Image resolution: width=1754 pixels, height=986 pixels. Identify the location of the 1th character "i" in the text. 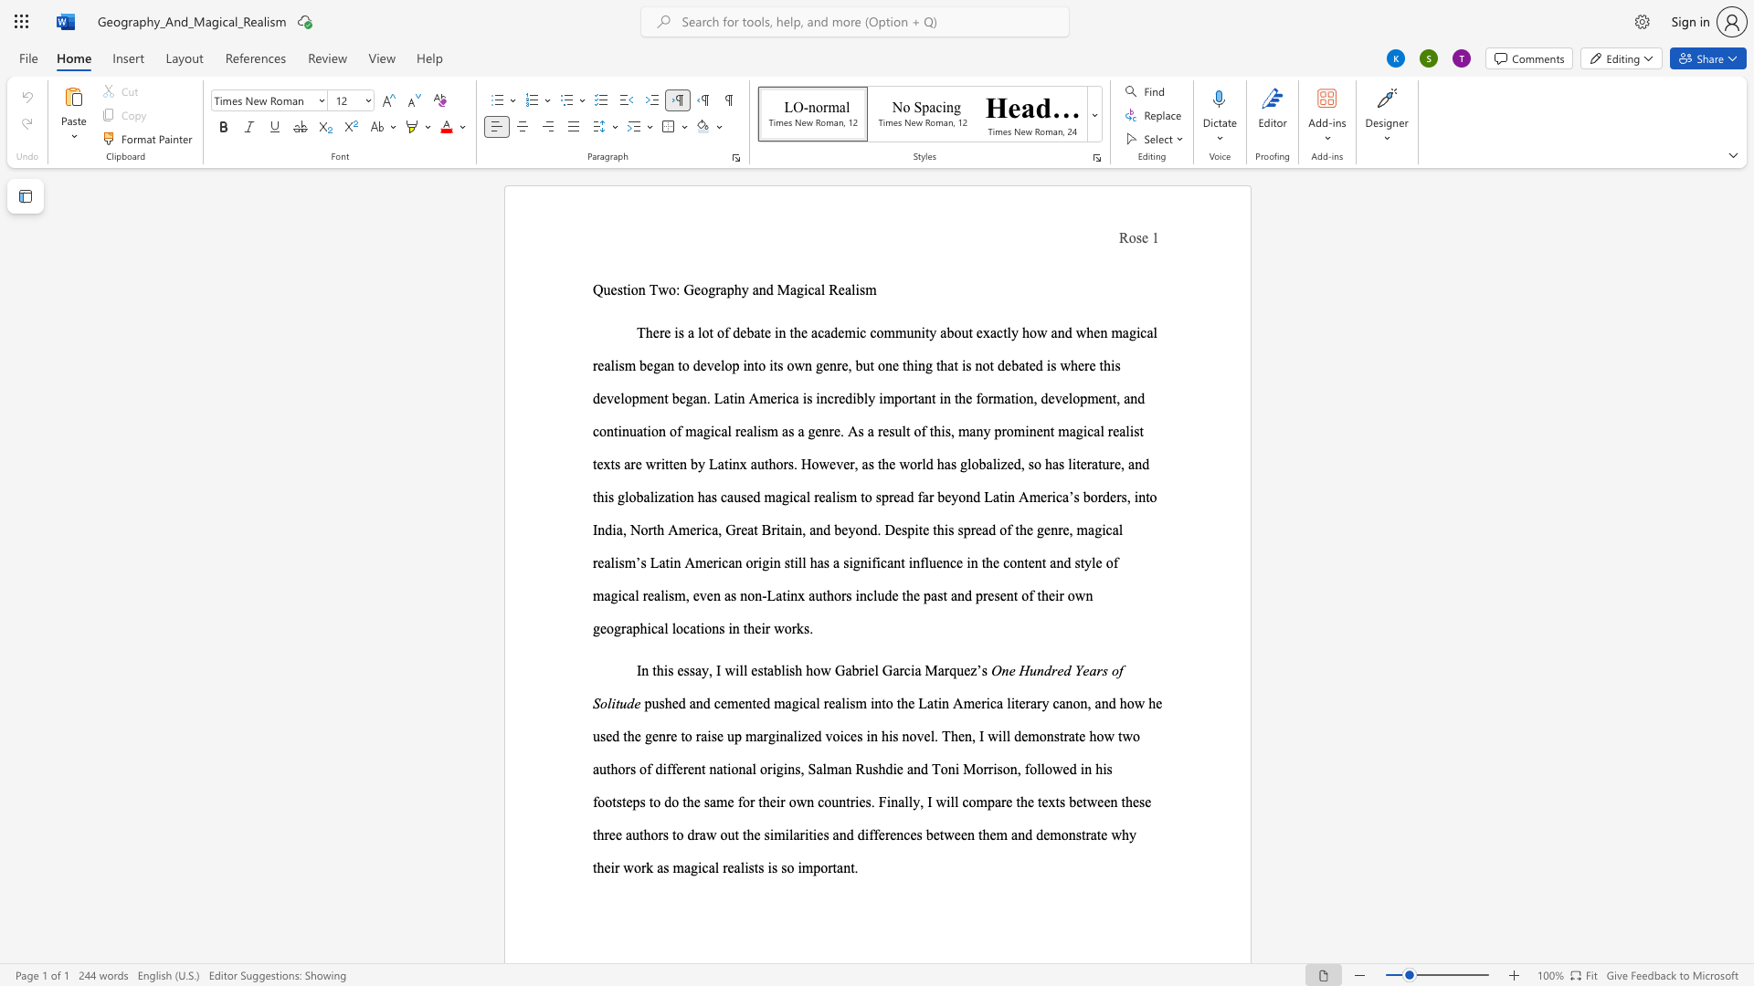
(850, 561).